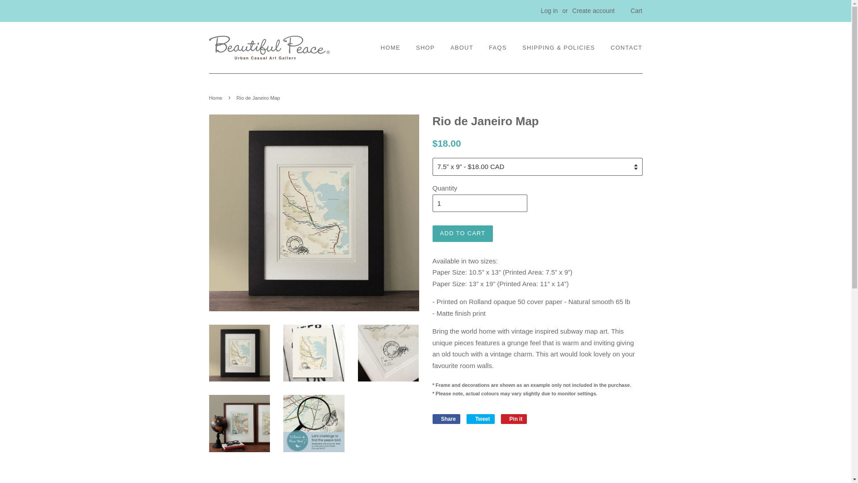  What do you see at coordinates (466, 419) in the screenshot?
I see `'Tweet` at bounding box center [466, 419].